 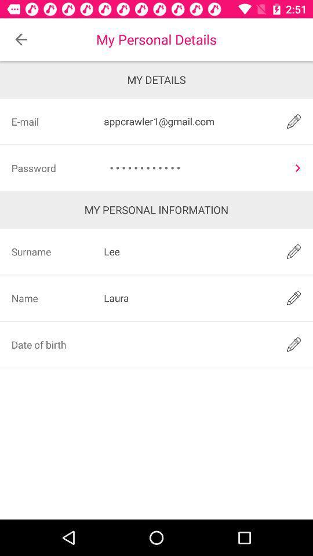 I want to click on edit surname, so click(x=294, y=251).